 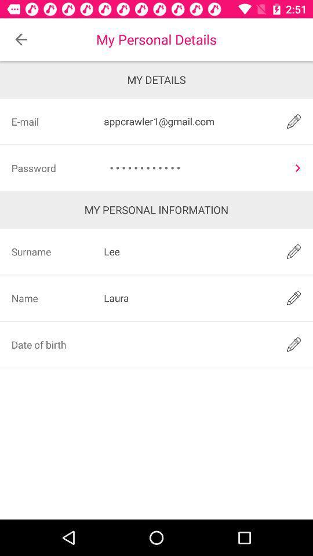 I want to click on edit surname, so click(x=294, y=251).